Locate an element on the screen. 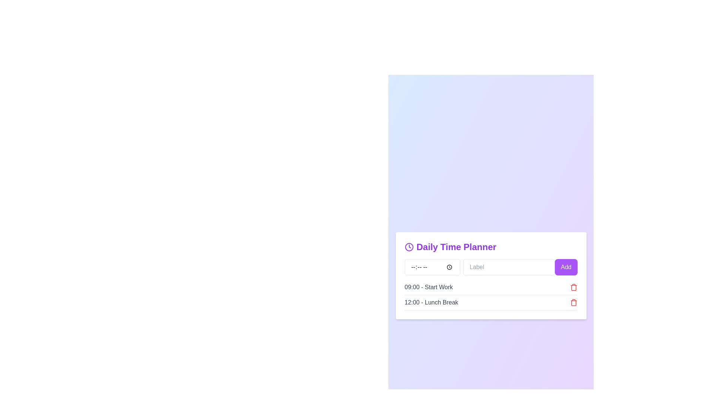 The height and width of the screenshot is (402, 715). the icon button located to the far right of the '12:00 - Lunch Break' row to observe potential additional effects, such as a tooltip is located at coordinates (573, 303).